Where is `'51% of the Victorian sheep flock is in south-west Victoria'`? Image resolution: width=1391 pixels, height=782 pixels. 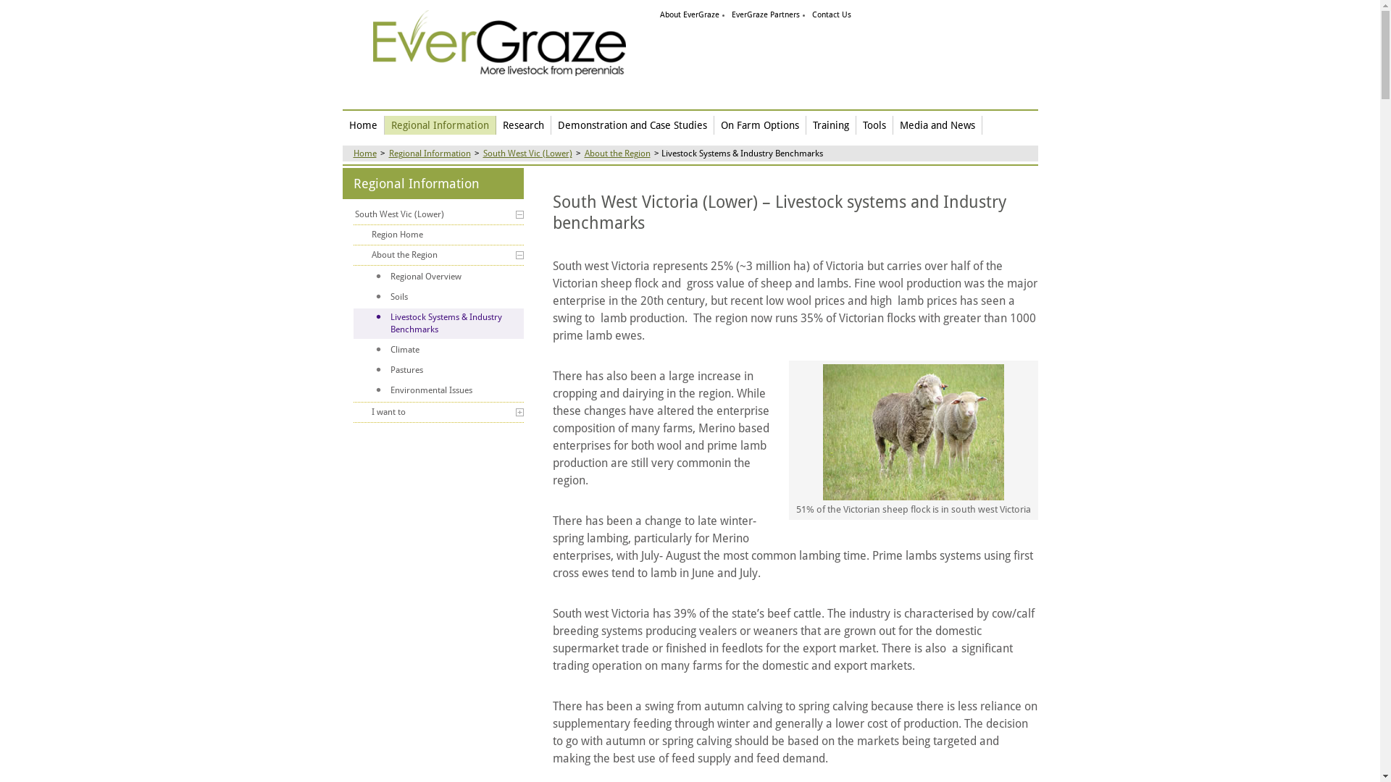
'51% of the Victorian sheep flock is in south-west Victoria' is located at coordinates (823, 432).